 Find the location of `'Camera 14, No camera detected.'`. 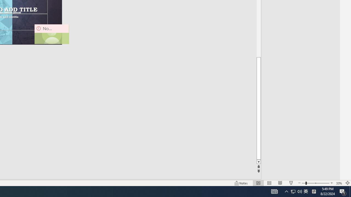

'Camera 14, No camera detected.' is located at coordinates (52, 34).